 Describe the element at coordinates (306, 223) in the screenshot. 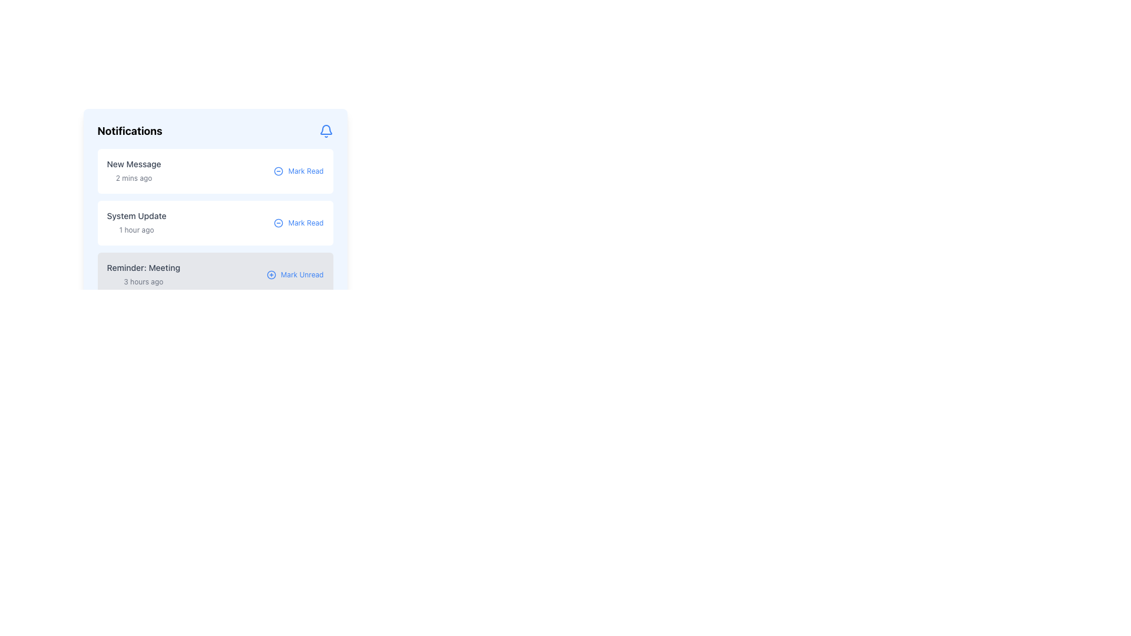

I see `the 'Mark as Read' text link/button located to the right of the 'System Update' entry in the notification list` at that location.